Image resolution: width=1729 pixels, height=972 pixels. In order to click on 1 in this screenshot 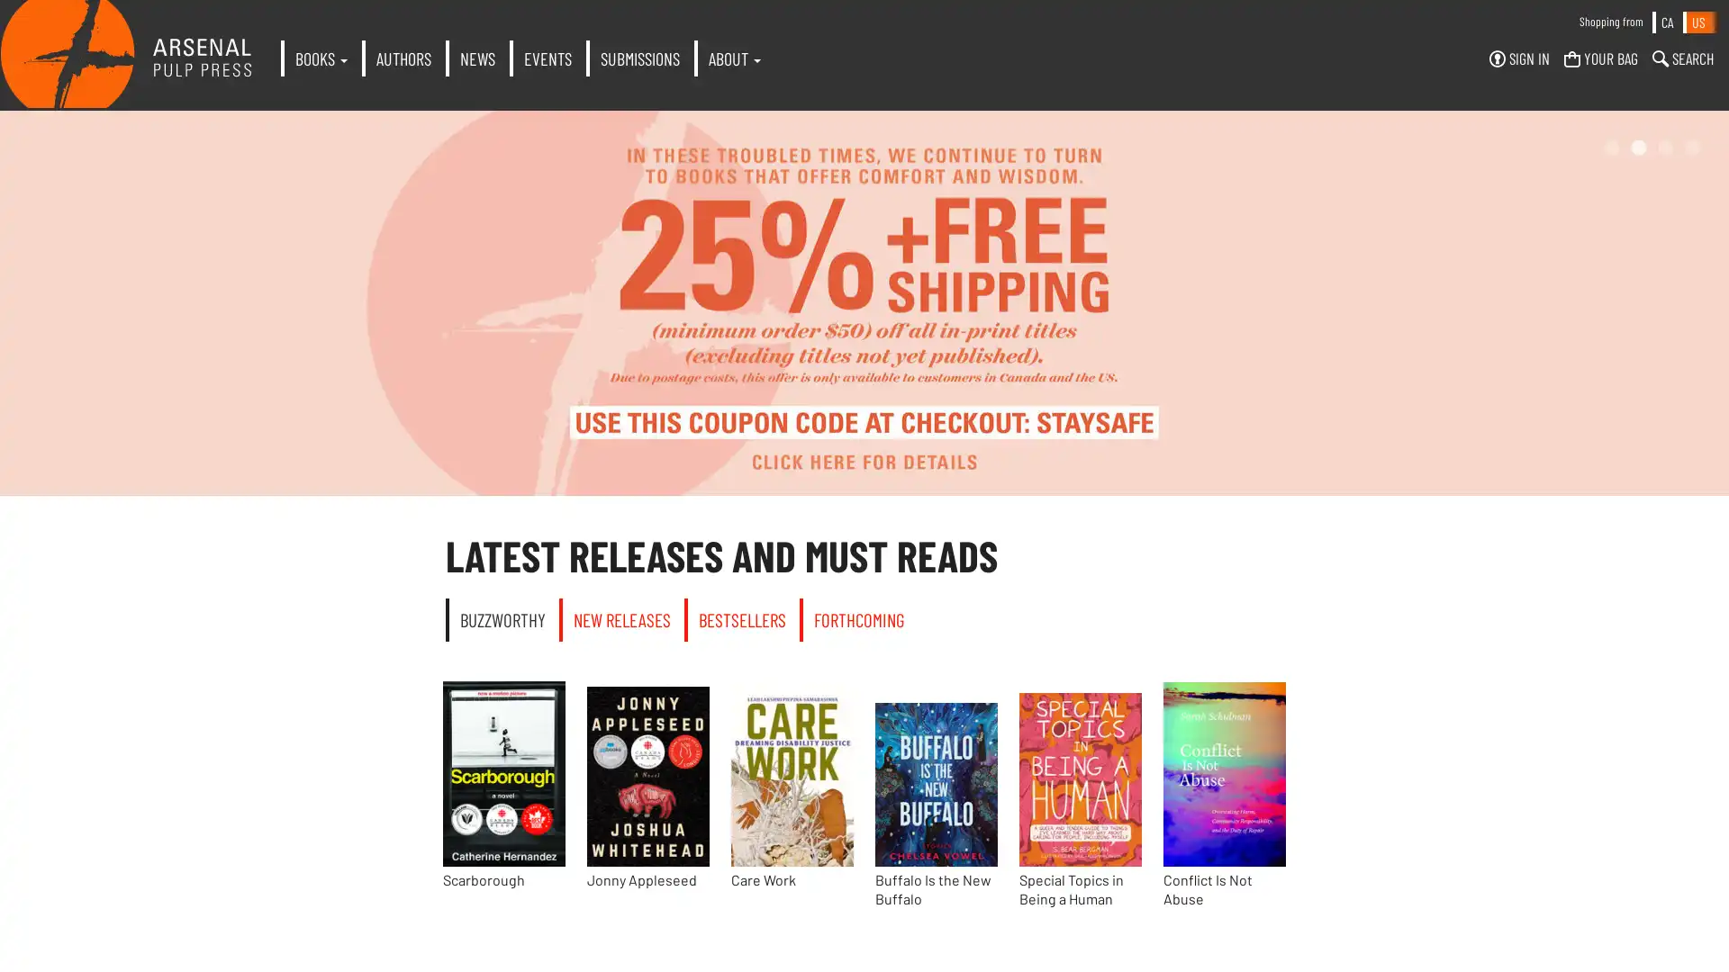, I will do `click(1612, 148)`.